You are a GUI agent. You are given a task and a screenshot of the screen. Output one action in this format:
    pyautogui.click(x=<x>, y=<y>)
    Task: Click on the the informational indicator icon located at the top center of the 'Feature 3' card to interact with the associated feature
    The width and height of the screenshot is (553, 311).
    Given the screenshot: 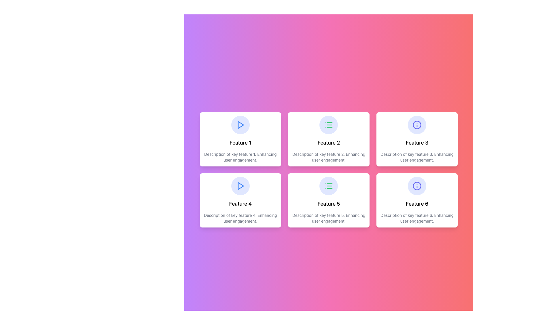 What is the action you would take?
    pyautogui.click(x=417, y=125)
    